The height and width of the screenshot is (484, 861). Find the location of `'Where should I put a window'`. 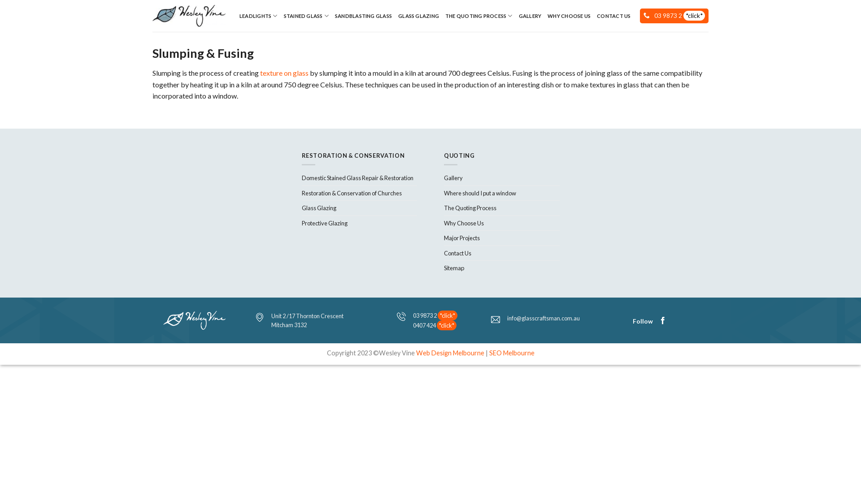

'Where should I put a window' is located at coordinates (479, 193).